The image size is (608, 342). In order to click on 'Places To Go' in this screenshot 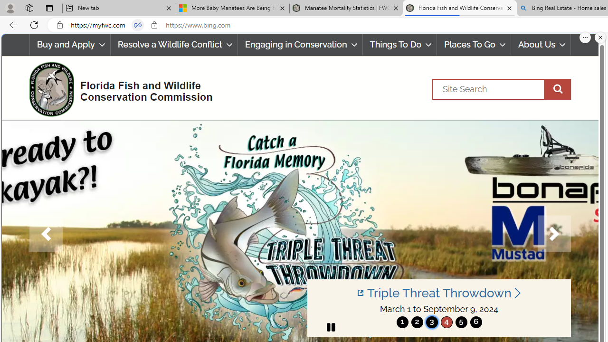, I will do `click(474, 45)`.